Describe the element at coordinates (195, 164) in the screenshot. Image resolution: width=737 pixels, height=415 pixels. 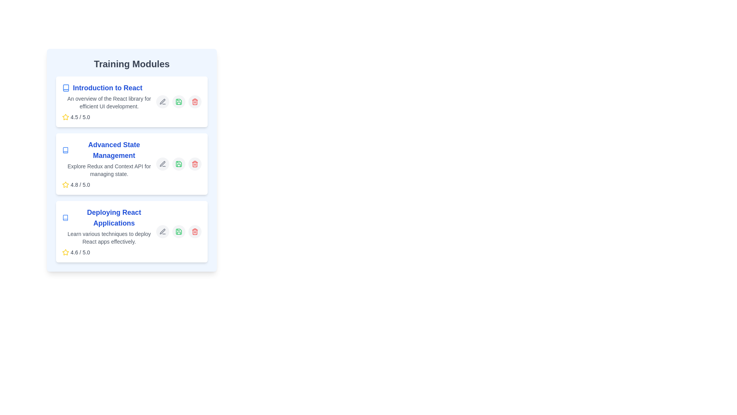
I see `the circular button with a gray background and a red trash can icon, which is the third button in the row associated with the 'Advanced State Management' module, to change its background color` at that location.